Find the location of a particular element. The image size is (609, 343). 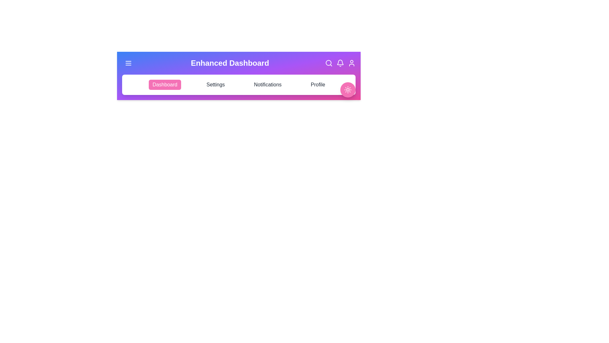

the search icon in the top-right corner of the app bar is located at coordinates (329, 63).